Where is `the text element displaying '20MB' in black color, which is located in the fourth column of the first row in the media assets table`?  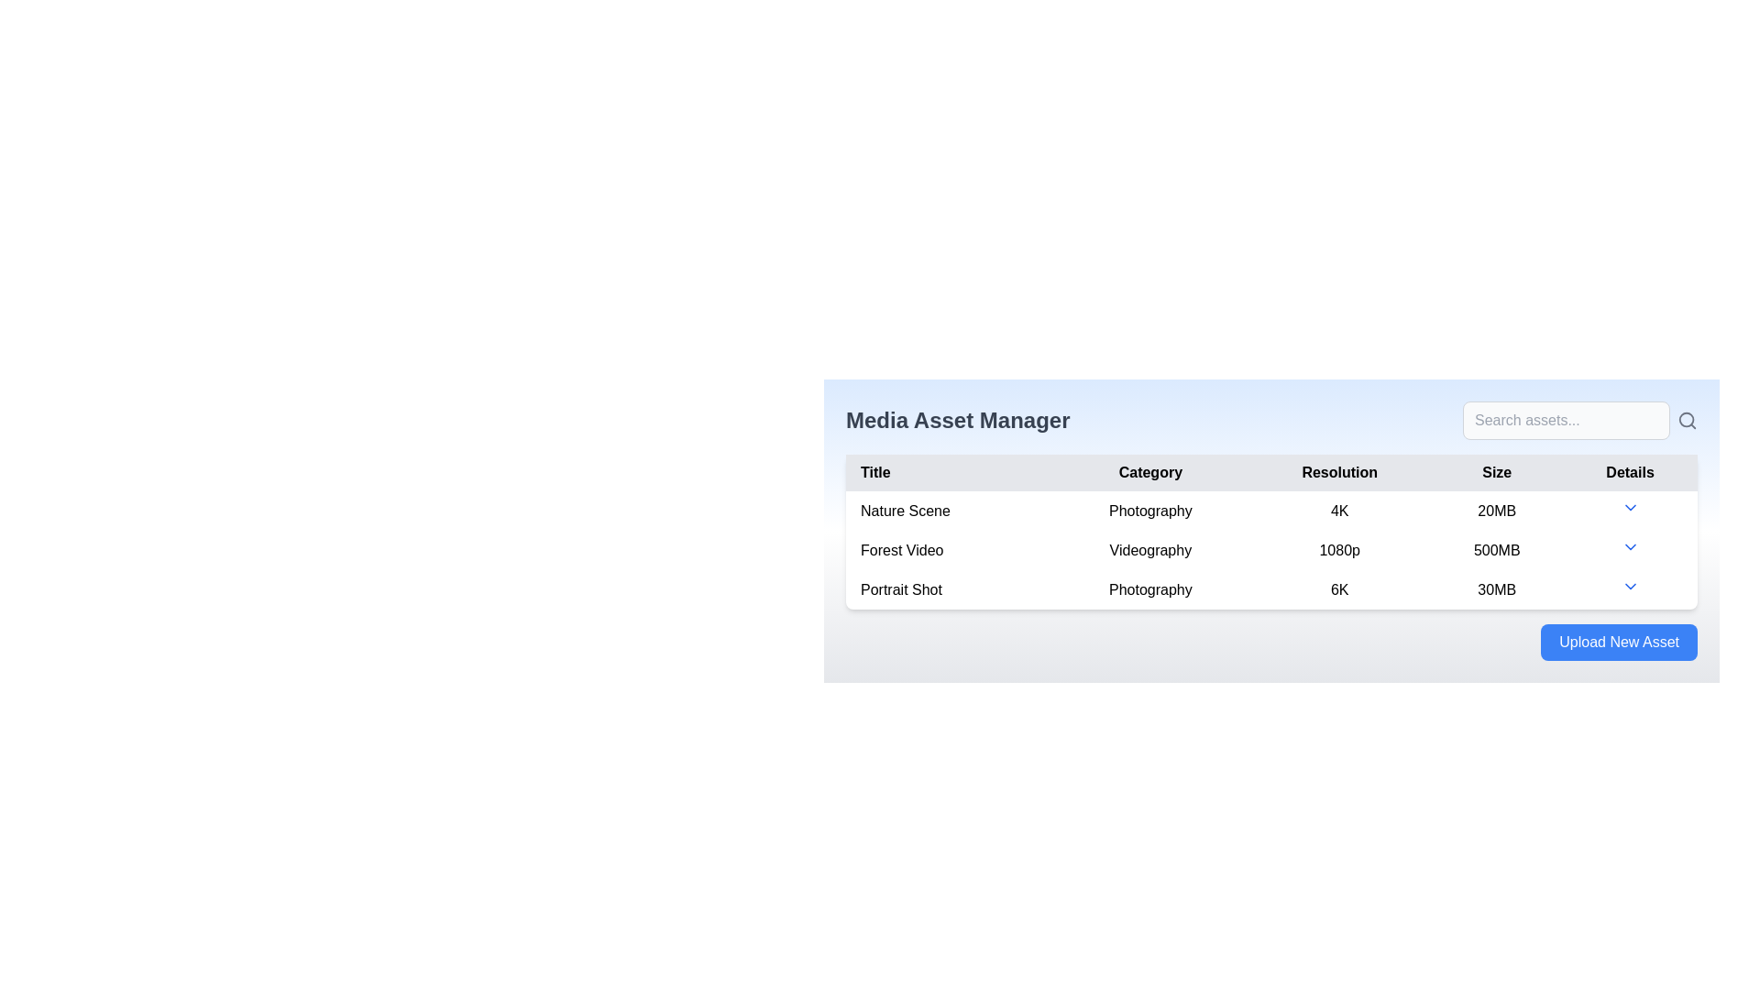
the text element displaying '20MB' in black color, which is located in the fourth column of the first row in the media assets table is located at coordinates (1497, 511).